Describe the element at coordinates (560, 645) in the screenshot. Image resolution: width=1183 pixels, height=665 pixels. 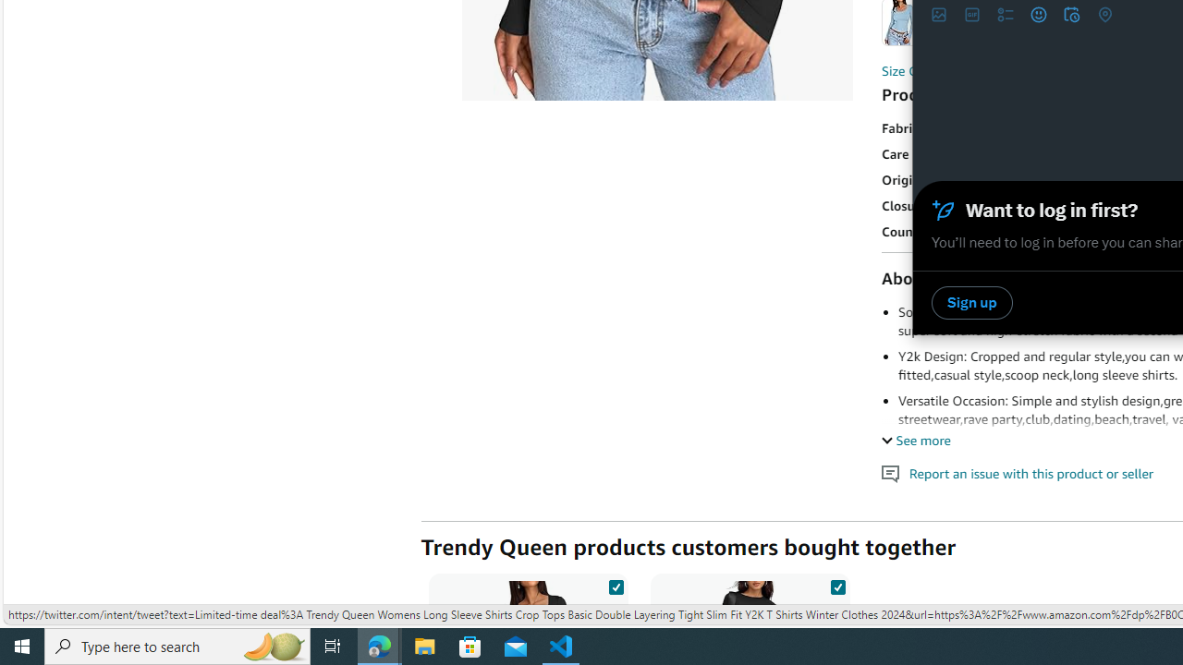
I see `'Visual Studio Code - 1 running window'` at that location.